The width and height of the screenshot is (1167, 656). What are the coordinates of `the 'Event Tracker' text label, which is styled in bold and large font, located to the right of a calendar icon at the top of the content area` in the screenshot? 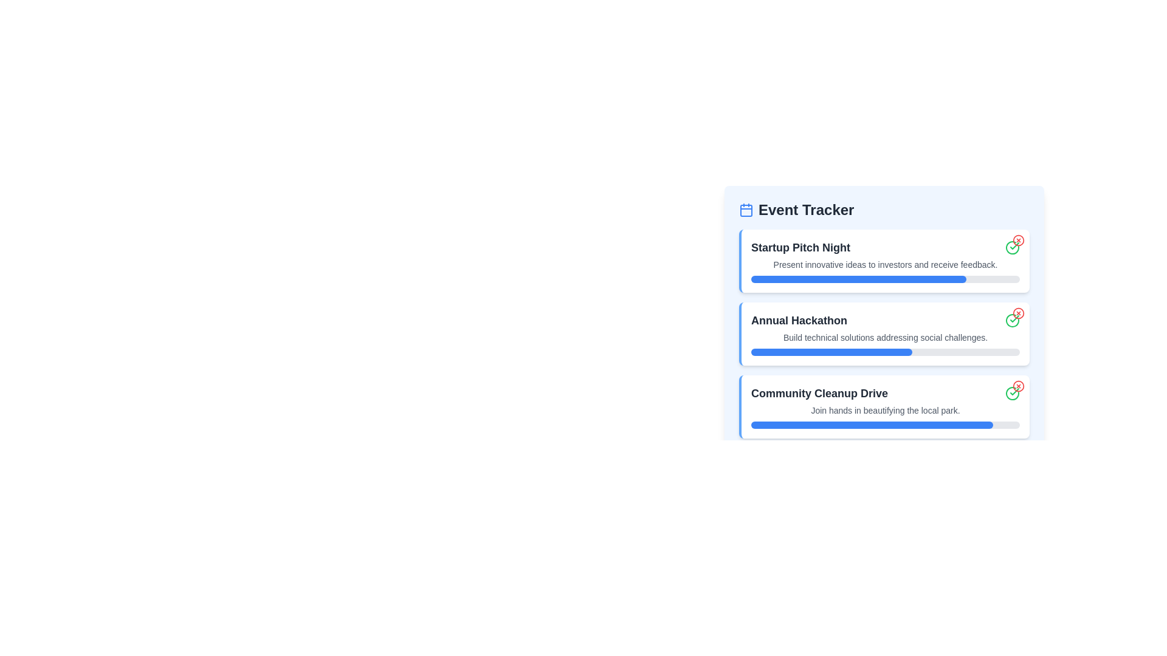 It's located at (806, 210).